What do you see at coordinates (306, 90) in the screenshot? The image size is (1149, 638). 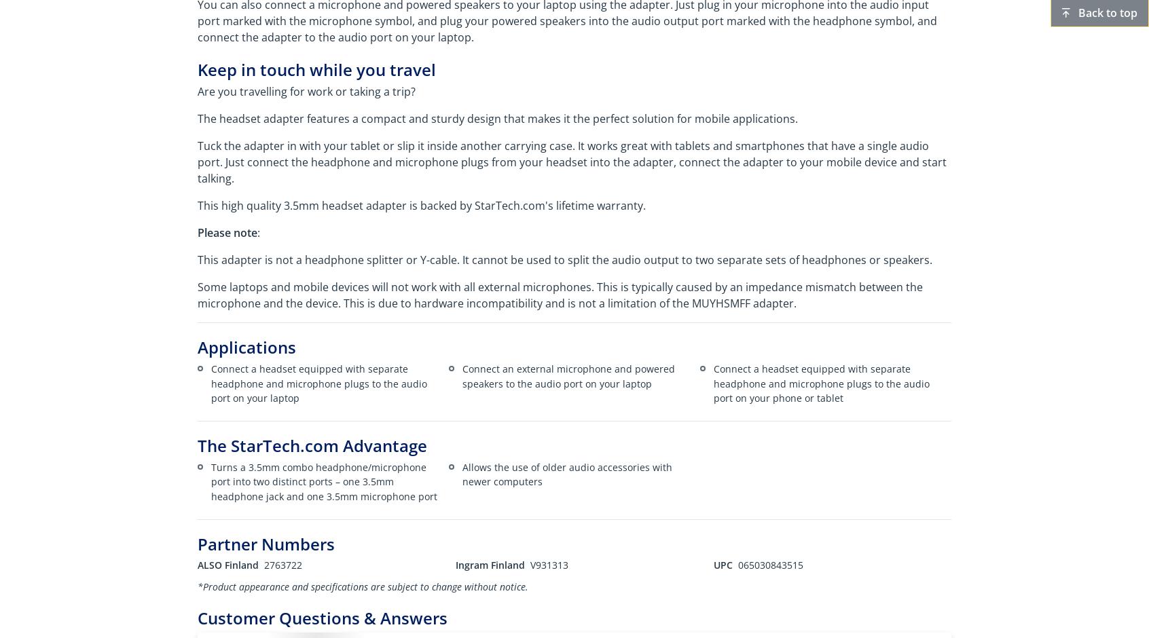 I see `'Are you travelling for work or taking a trip?'` at bounding box center [306, 90].